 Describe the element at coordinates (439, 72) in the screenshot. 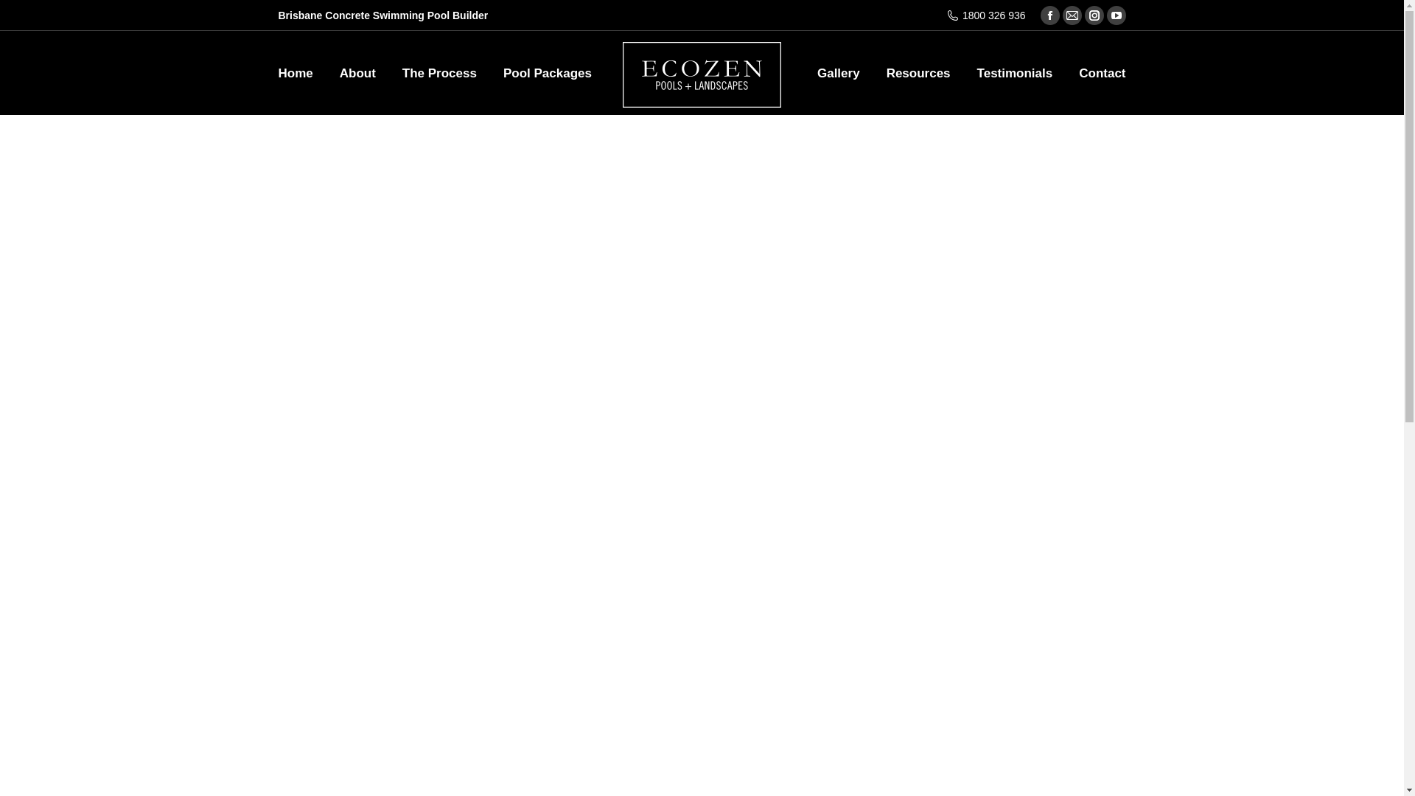

I see `'The Process'` at that location.